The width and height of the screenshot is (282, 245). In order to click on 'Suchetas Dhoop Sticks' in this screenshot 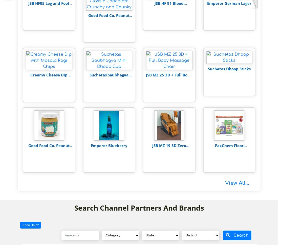, I will do `click(229, 69)`.